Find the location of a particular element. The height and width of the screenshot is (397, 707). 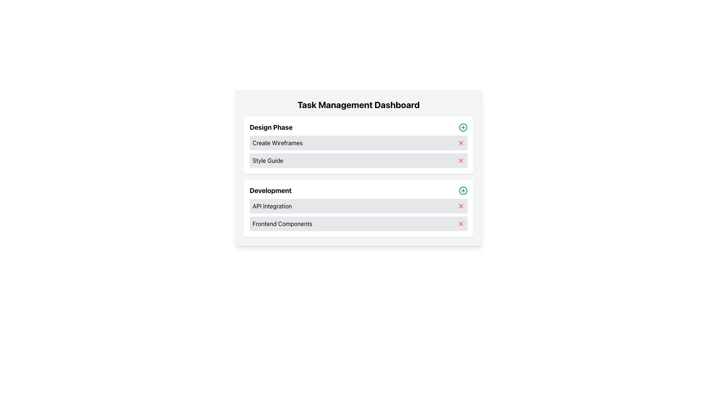

the dismiss button located to the right of the 'Style Guide' text is located at coordinates (461, 160).